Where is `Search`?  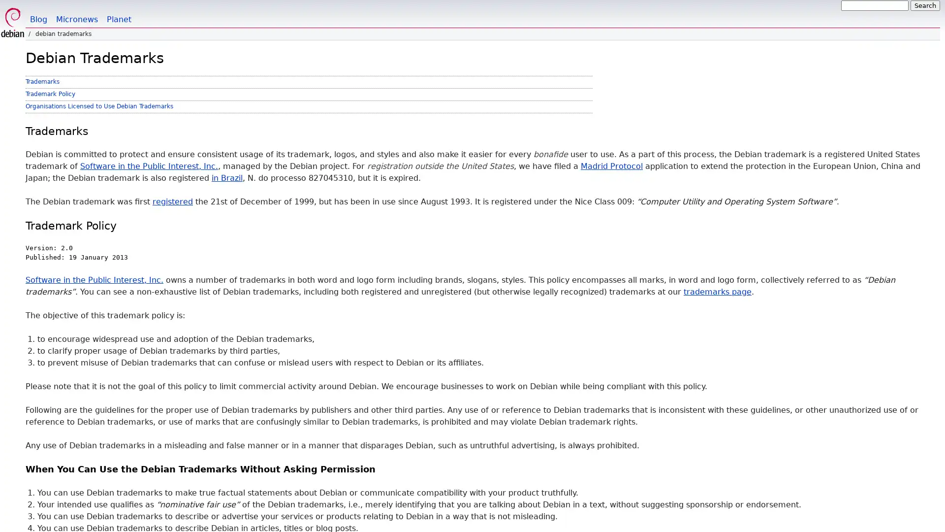 Search is located at coordinates (925, 5).